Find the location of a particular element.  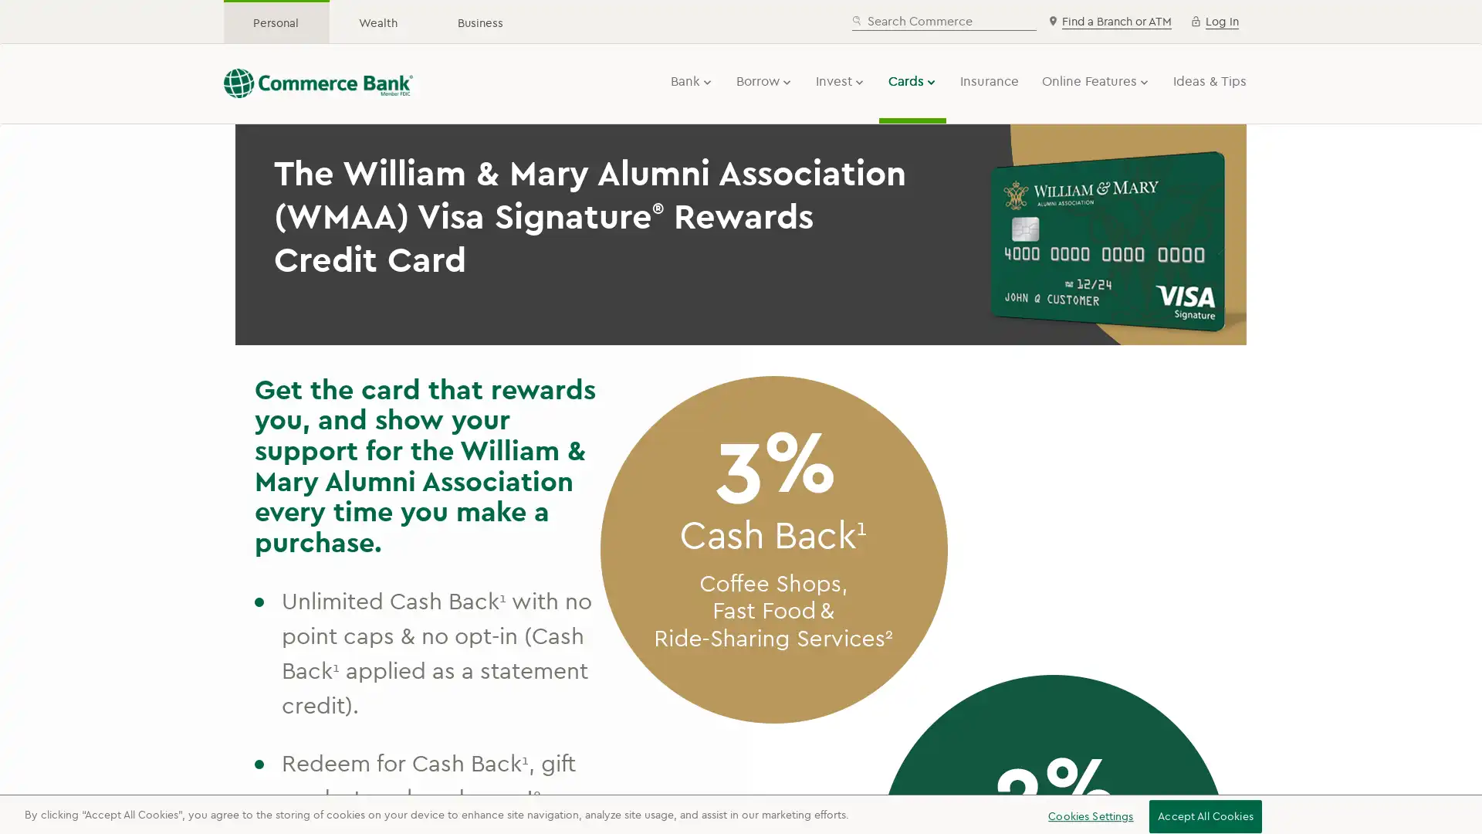

Insurance is located at coordinates (989, 80).